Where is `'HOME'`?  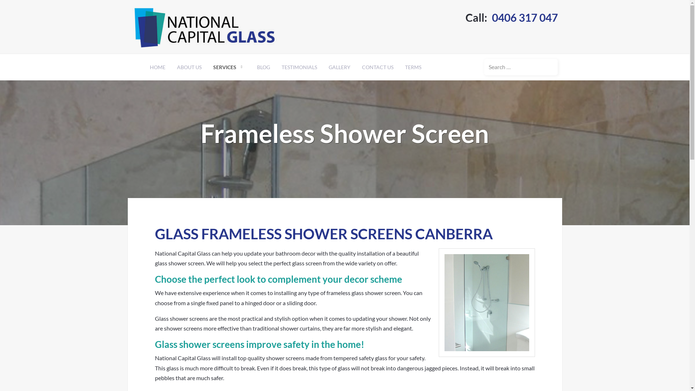
'HOME' is located at coordinates (157, 67).